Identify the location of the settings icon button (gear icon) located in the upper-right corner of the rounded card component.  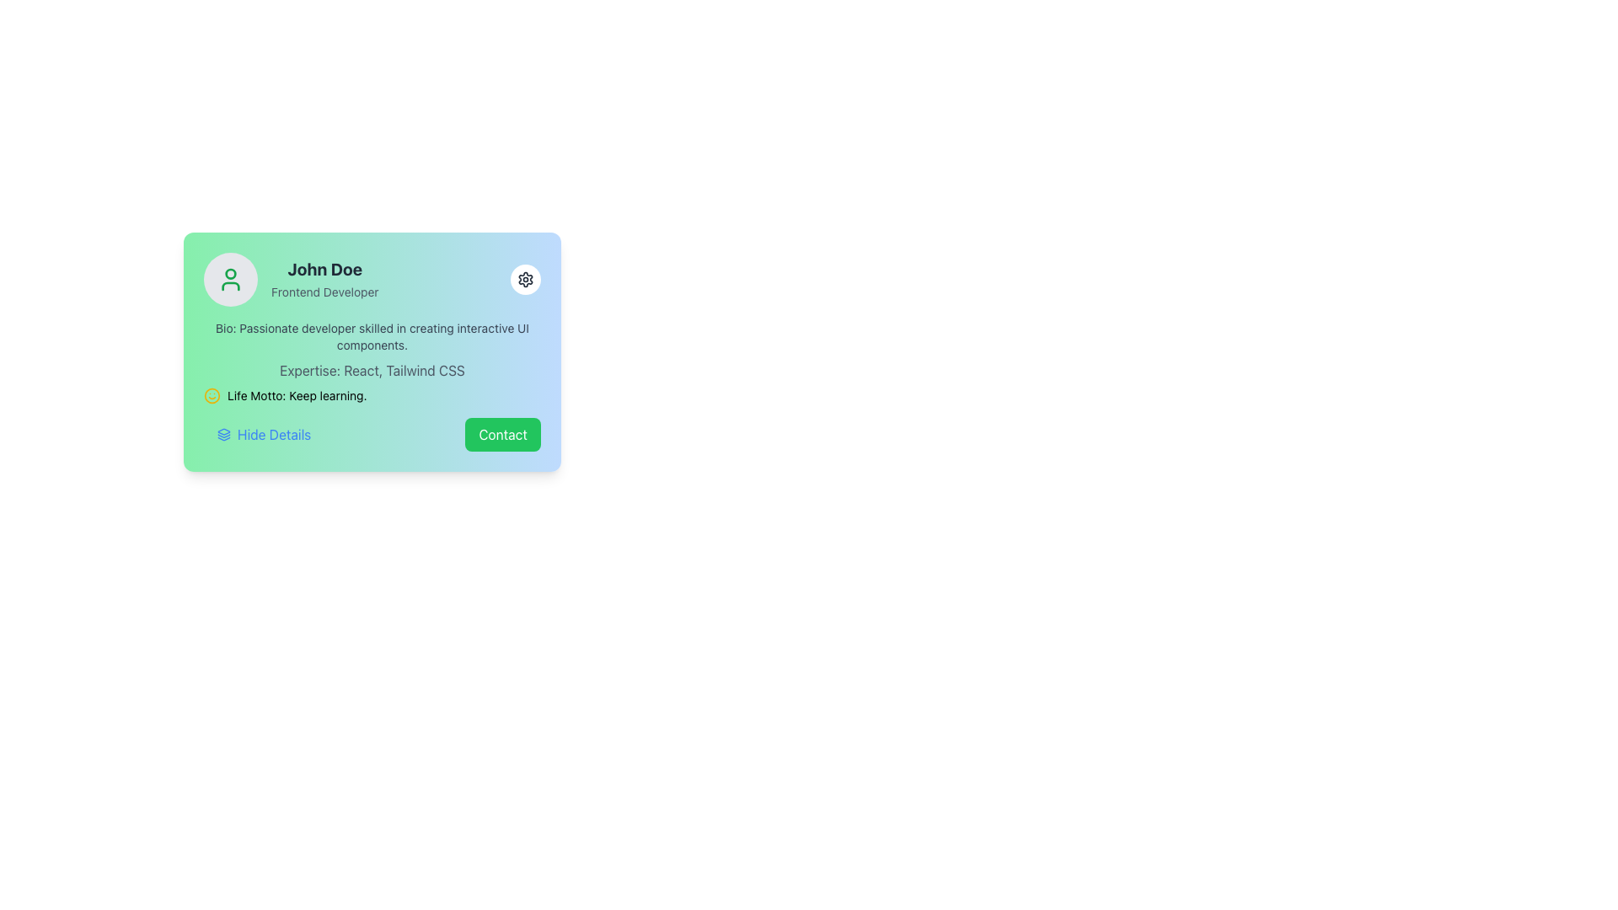
(525, 278).